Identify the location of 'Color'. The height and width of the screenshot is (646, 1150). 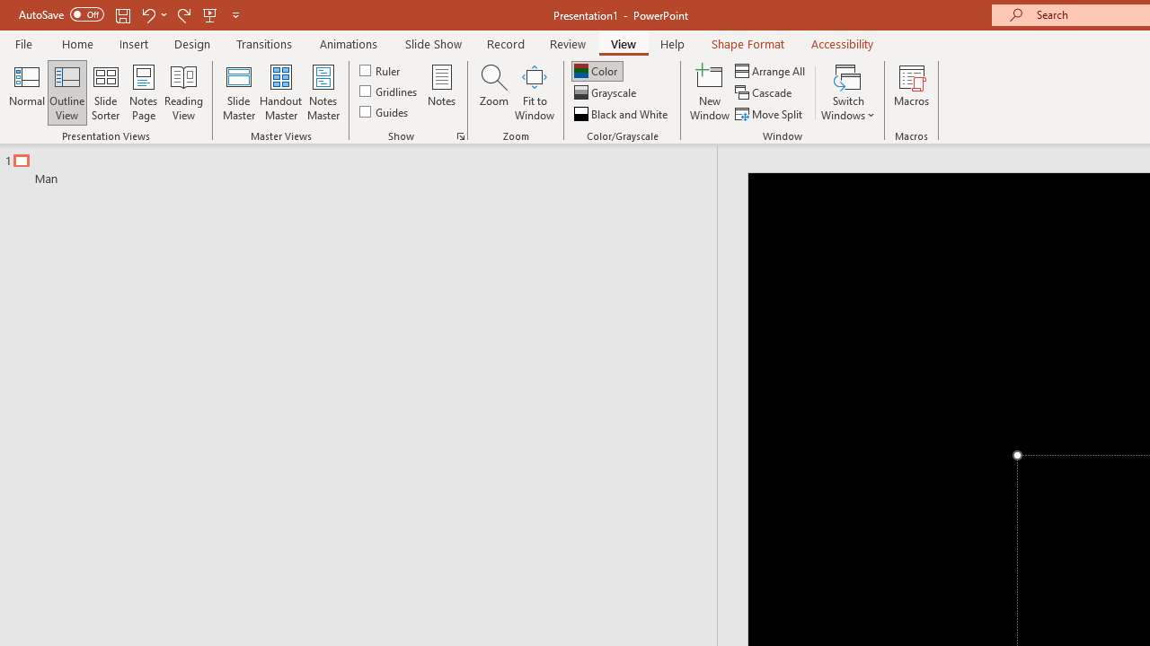
(597, 70).